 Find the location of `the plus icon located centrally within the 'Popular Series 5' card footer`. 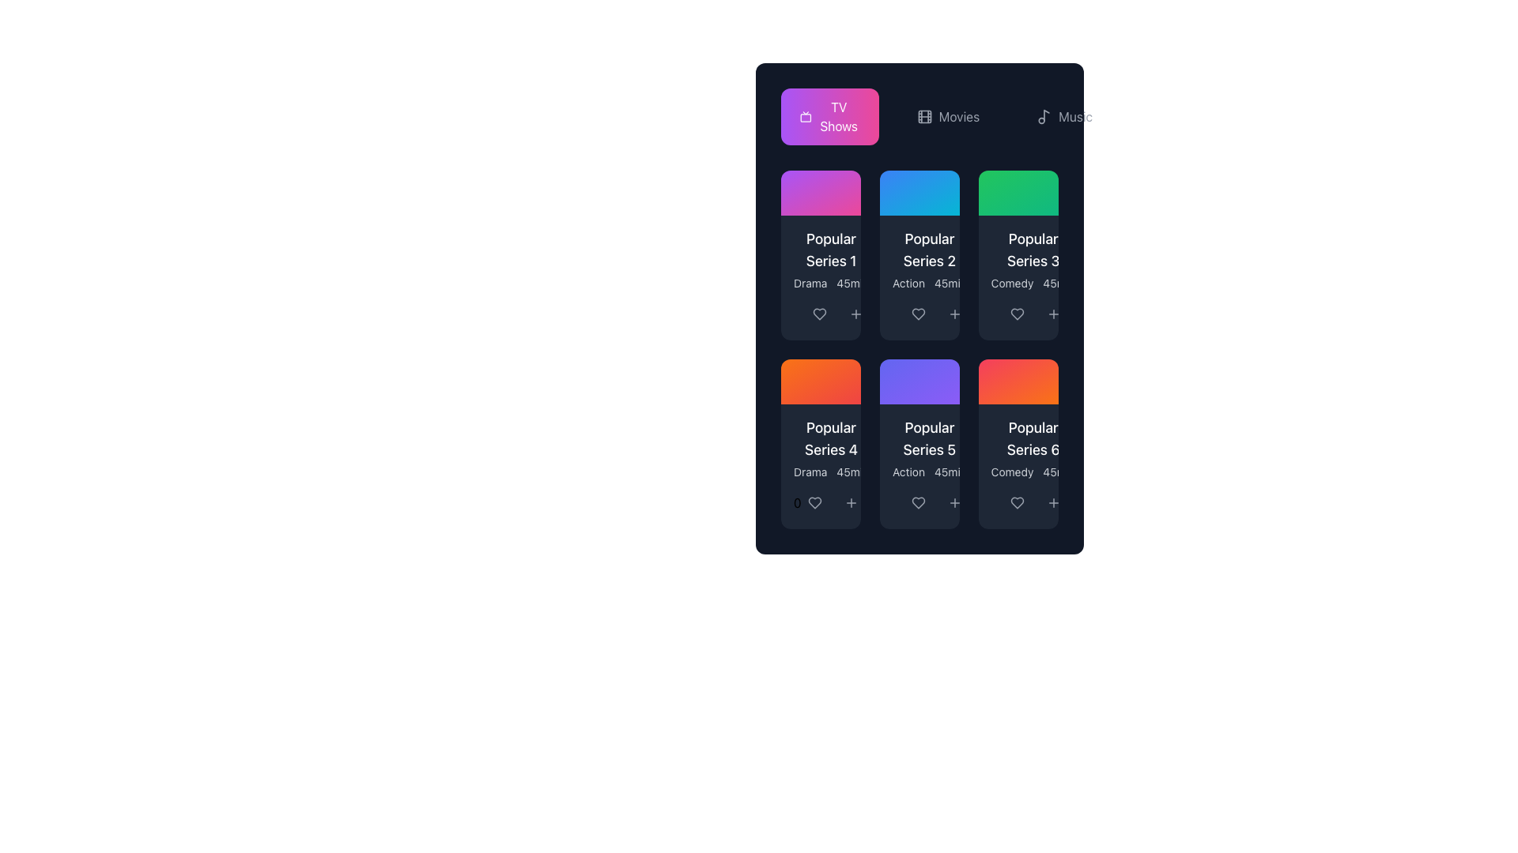

the plus icon located centrally within the 'Popular Series 5' card footer is located at coordinates (954, 502).